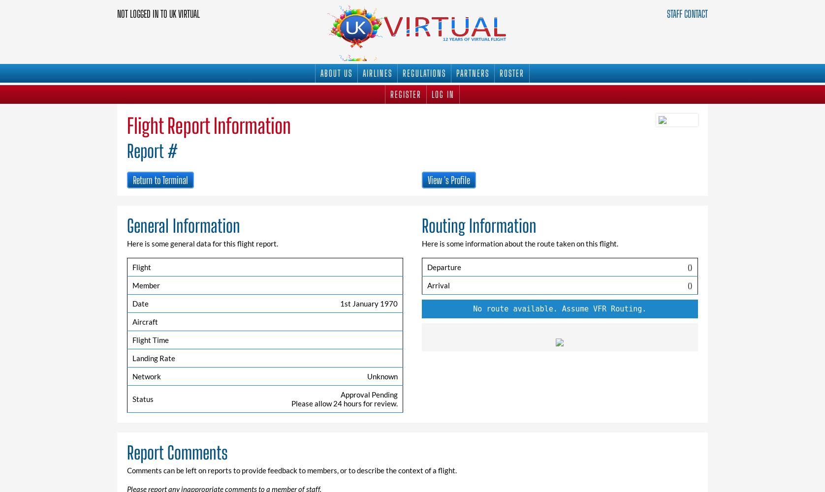 The width and height of the screenshot is (825, 492). I want to click on 'Not logged in to UK virtual', so click(116, 14).